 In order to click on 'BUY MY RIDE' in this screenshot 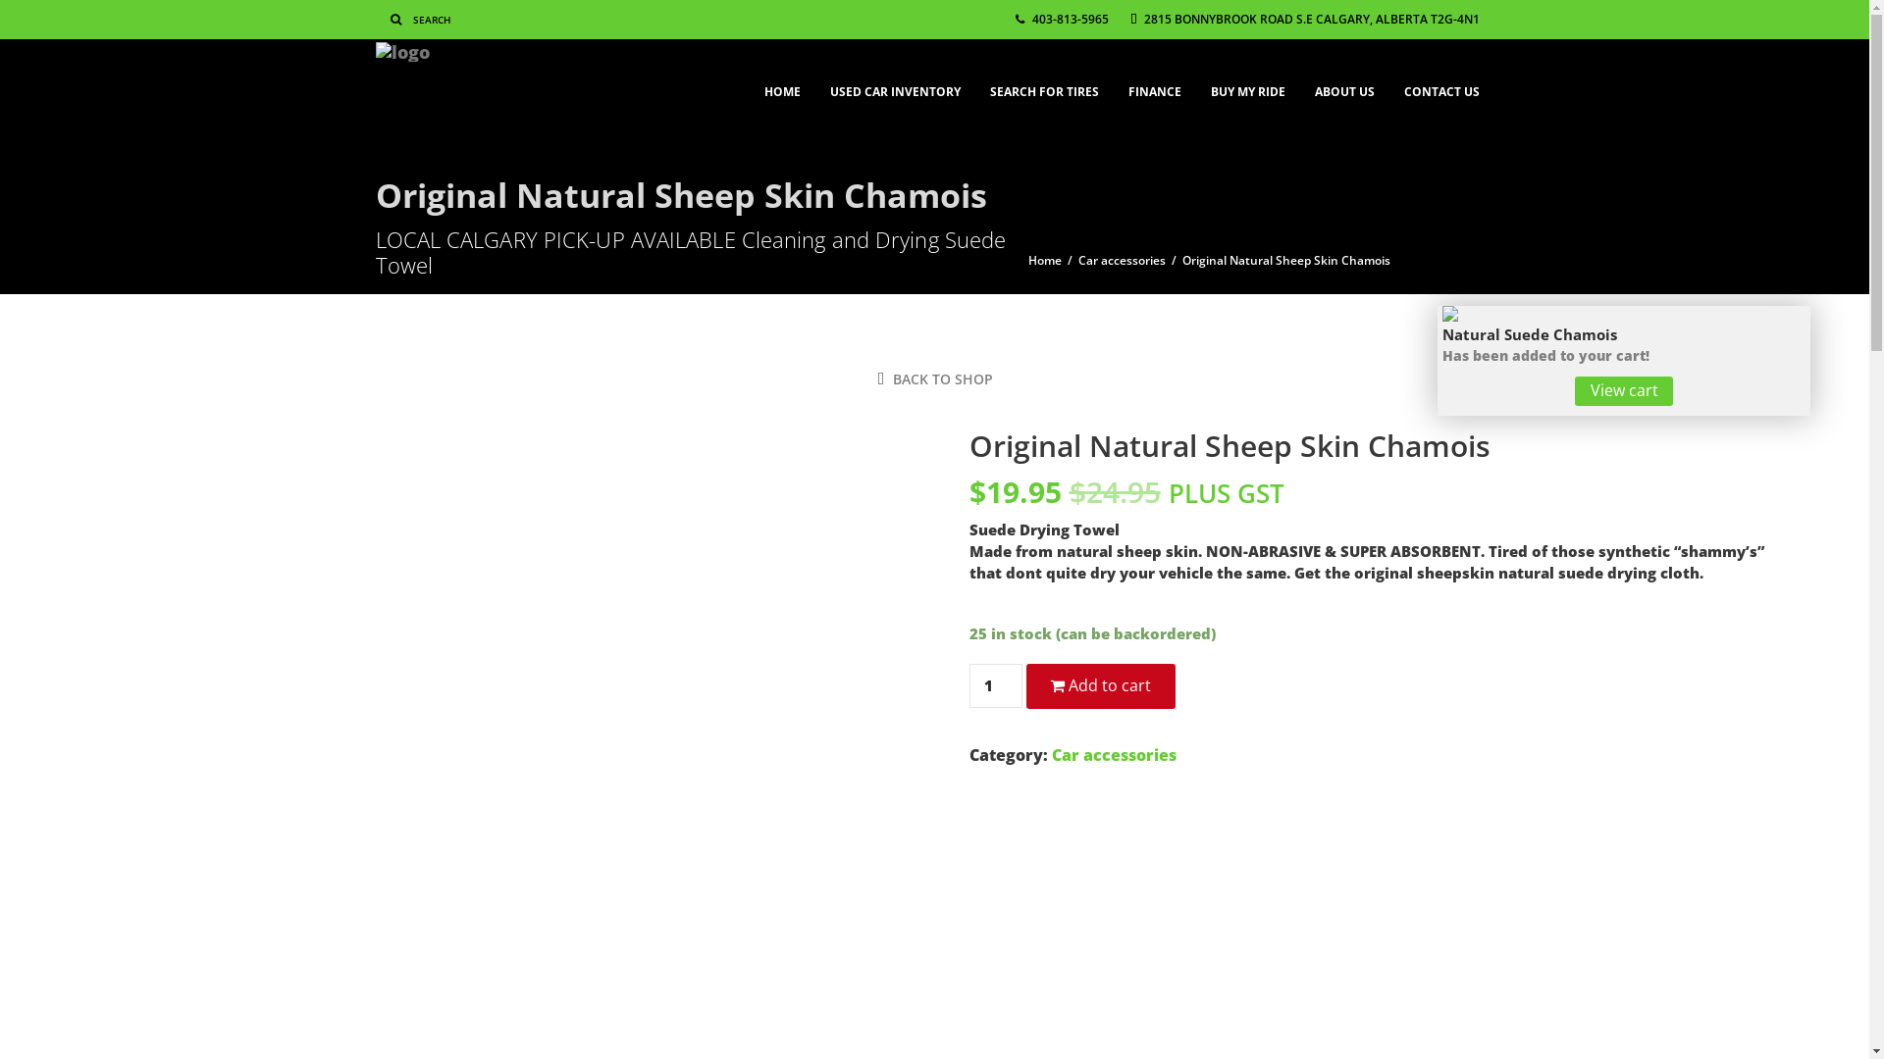, I will do `click(1246, 81)`.